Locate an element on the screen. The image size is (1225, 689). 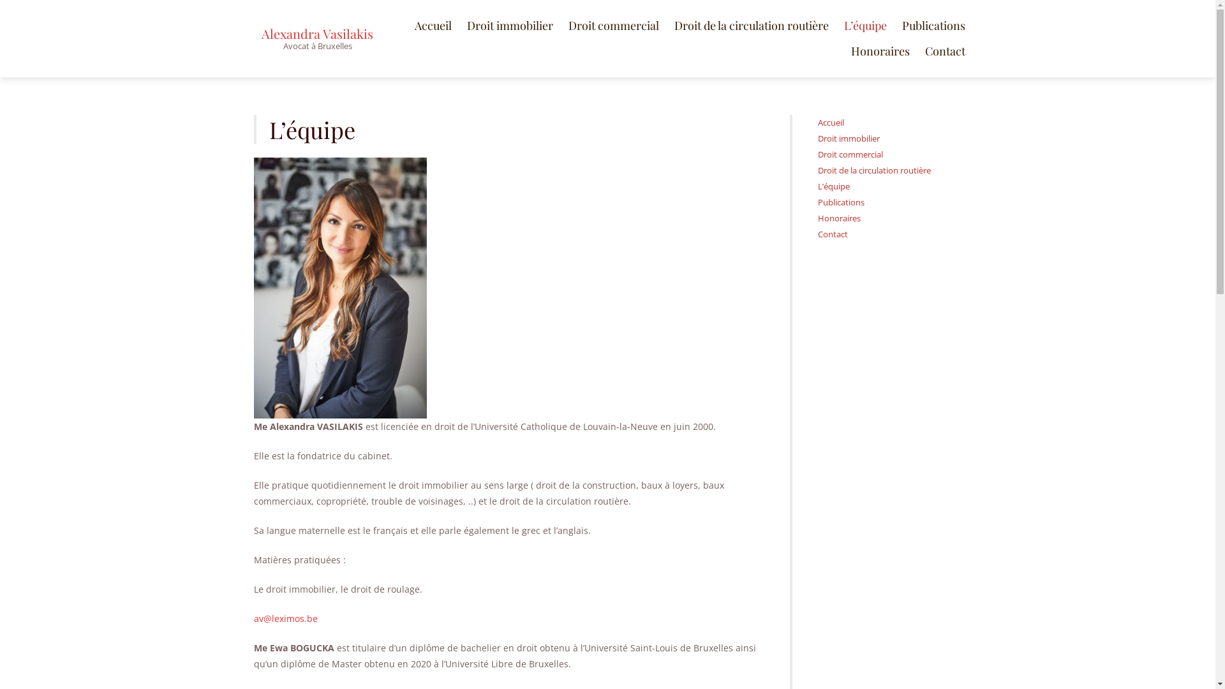
'Droit commercial' is located at coordinates (612, 25).